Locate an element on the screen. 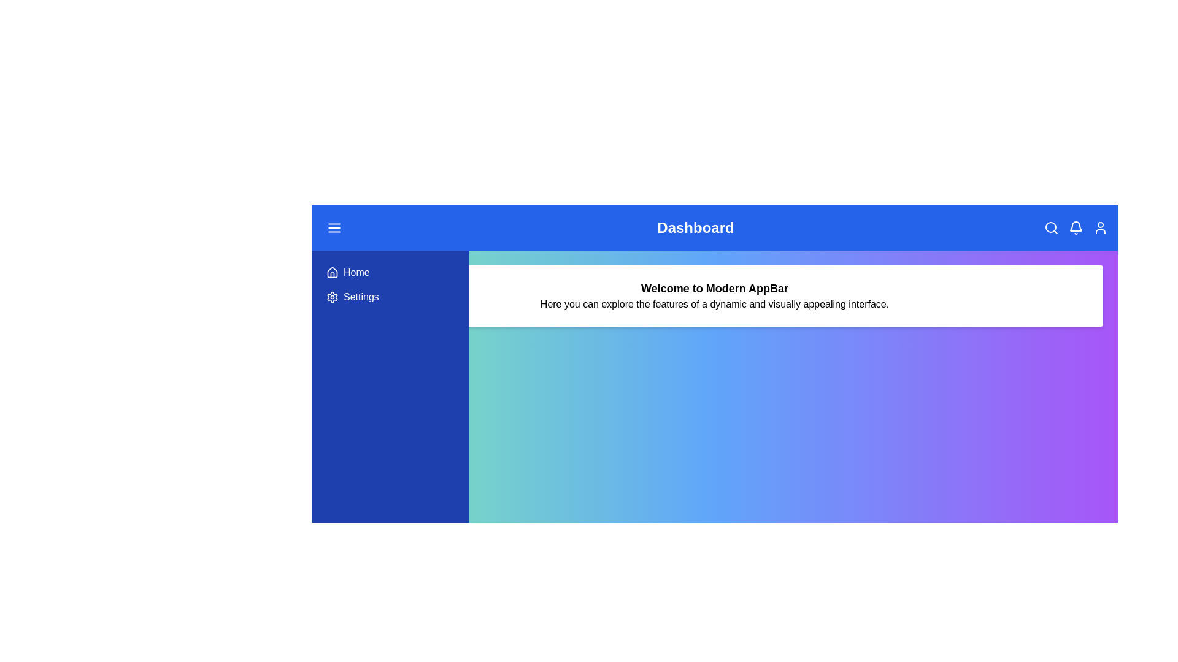 The height and width of the screenshot is (662, 1178). the search icon in the top-right corner of the app bar is located at coordinates (1050, 227).